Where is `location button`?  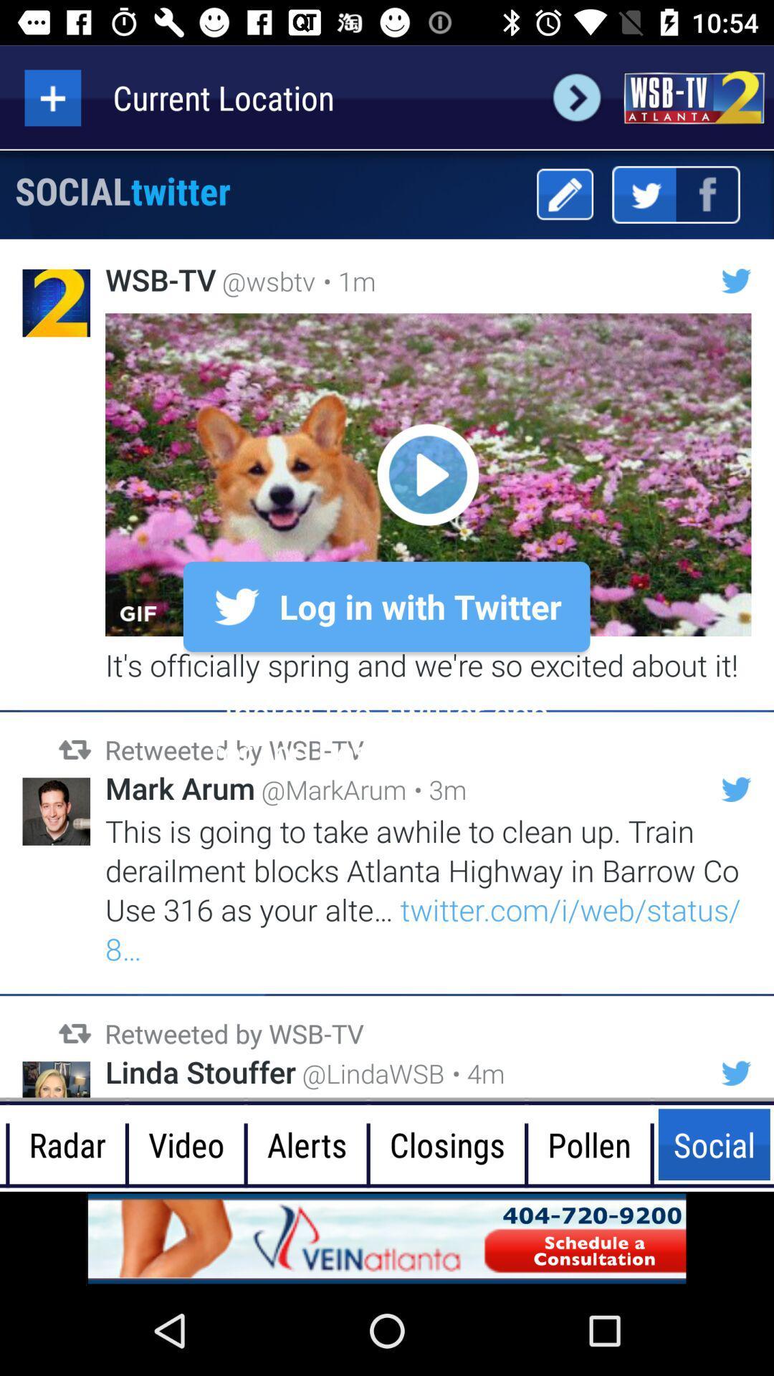
location button is located at coordinates (52, 97).